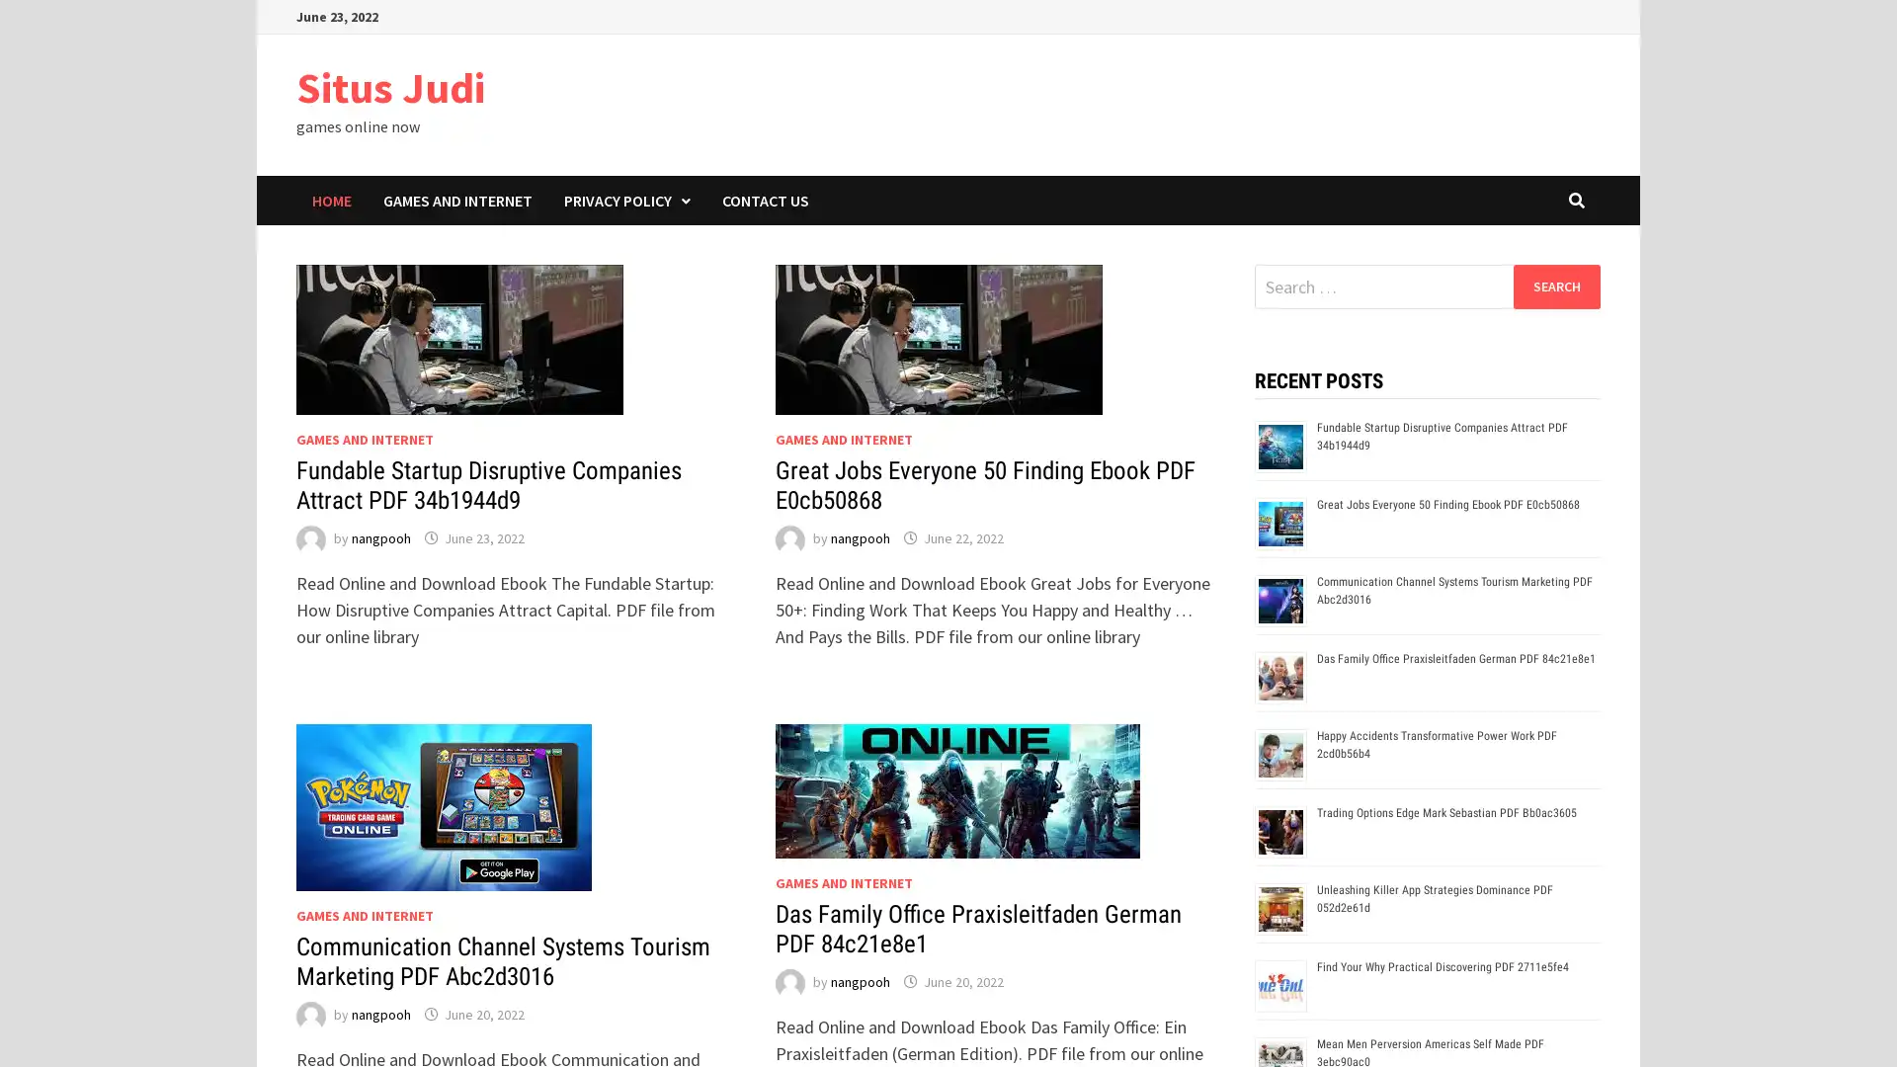  What do you see at coordinates (1555, 286) in the screenshot?
I see `Search` at bounding box center [1555, 286].